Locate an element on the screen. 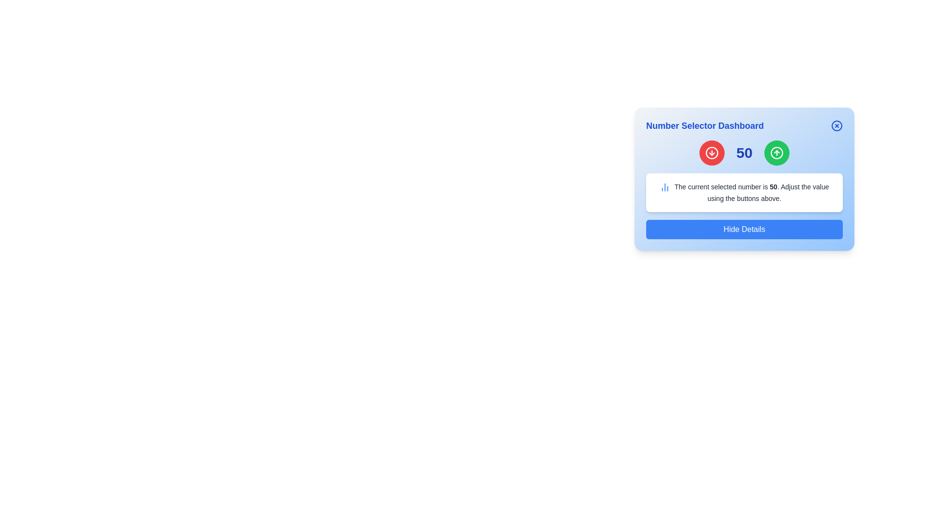  the closing icon button located in the top-right corner of the 'Number Selector Dashboard' component is located at coordinates (837, 125).